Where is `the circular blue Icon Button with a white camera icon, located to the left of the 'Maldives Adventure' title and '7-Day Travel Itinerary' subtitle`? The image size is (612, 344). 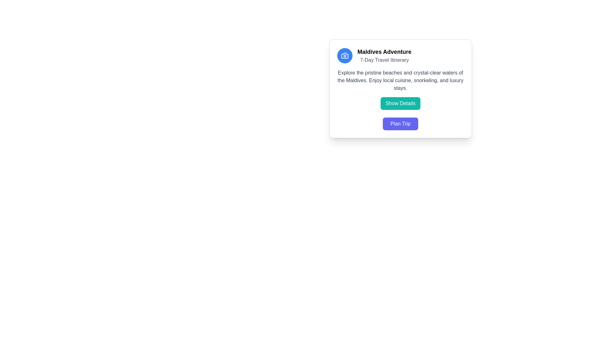
the circular blue Icon Button with a white camera icon, located to the left of the 'Maldives Adventure' title and '7-Day Travel Itinerary' subtitle is located at coordinates (344, 55).